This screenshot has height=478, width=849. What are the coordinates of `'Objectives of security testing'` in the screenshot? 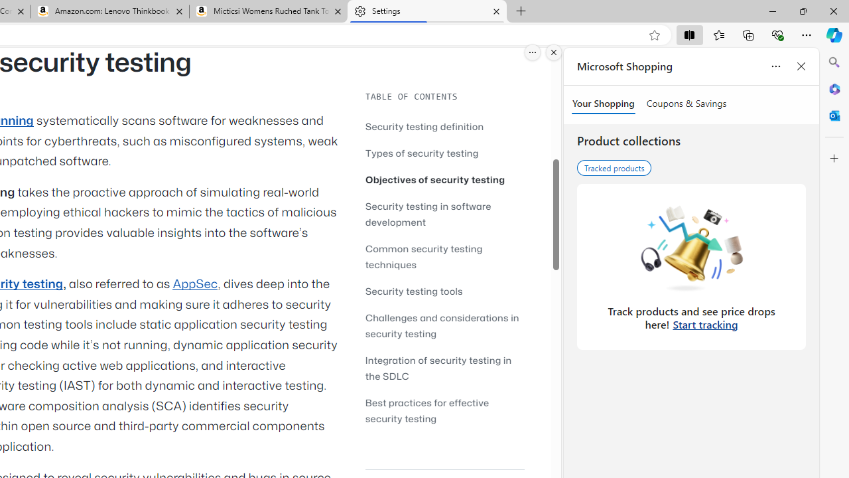 It's located at (444, 179).